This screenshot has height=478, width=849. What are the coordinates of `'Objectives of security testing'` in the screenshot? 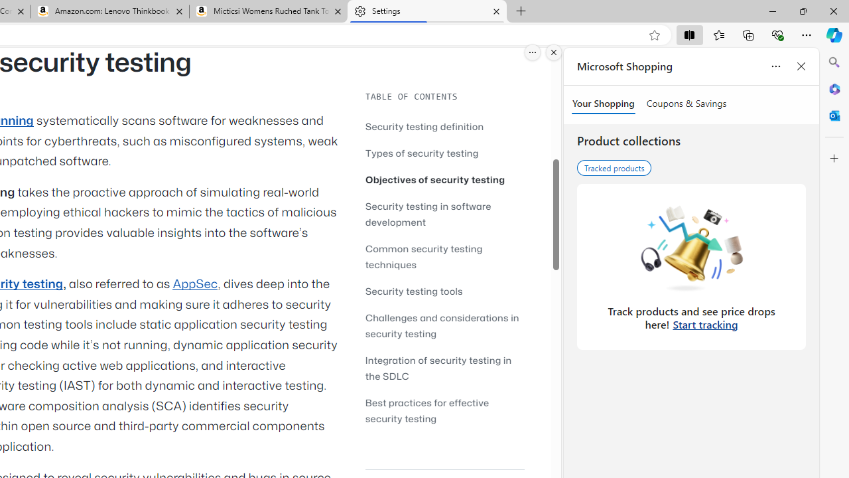 It's located at (444, 179).